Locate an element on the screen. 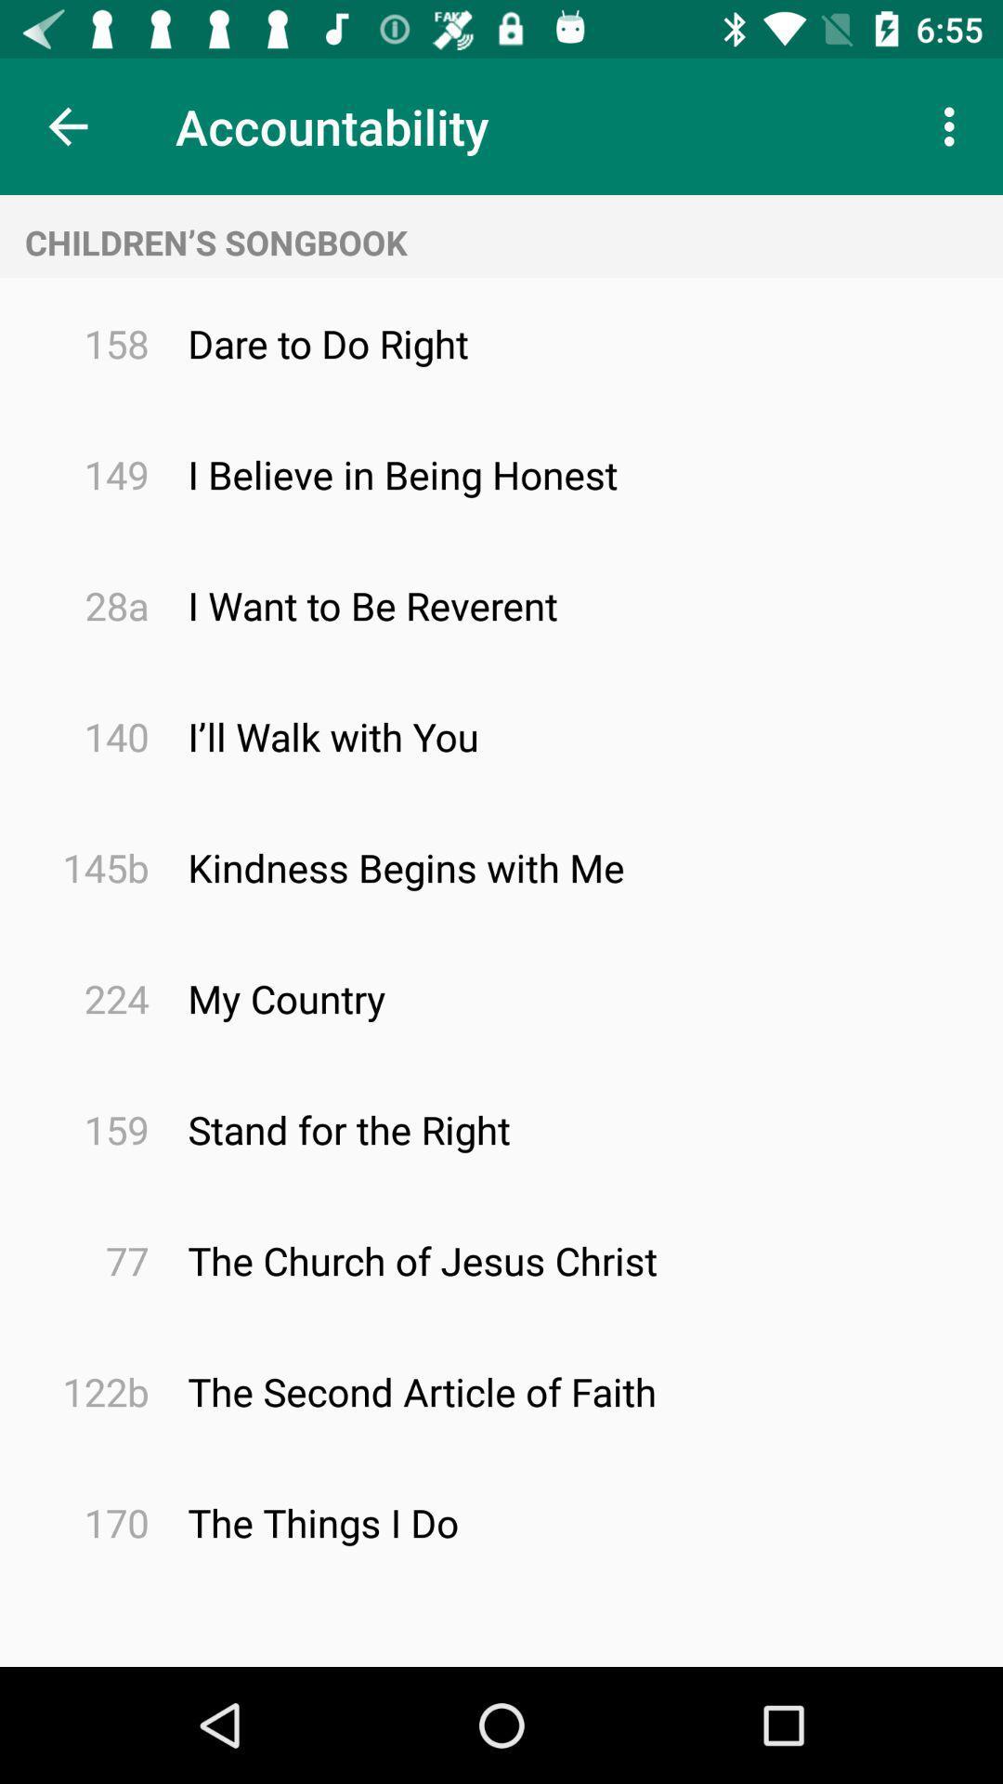 Image resolution: width=1003 pixels, height=1784 pixels. the item at the top right corner is located at coordinates (954, 125).